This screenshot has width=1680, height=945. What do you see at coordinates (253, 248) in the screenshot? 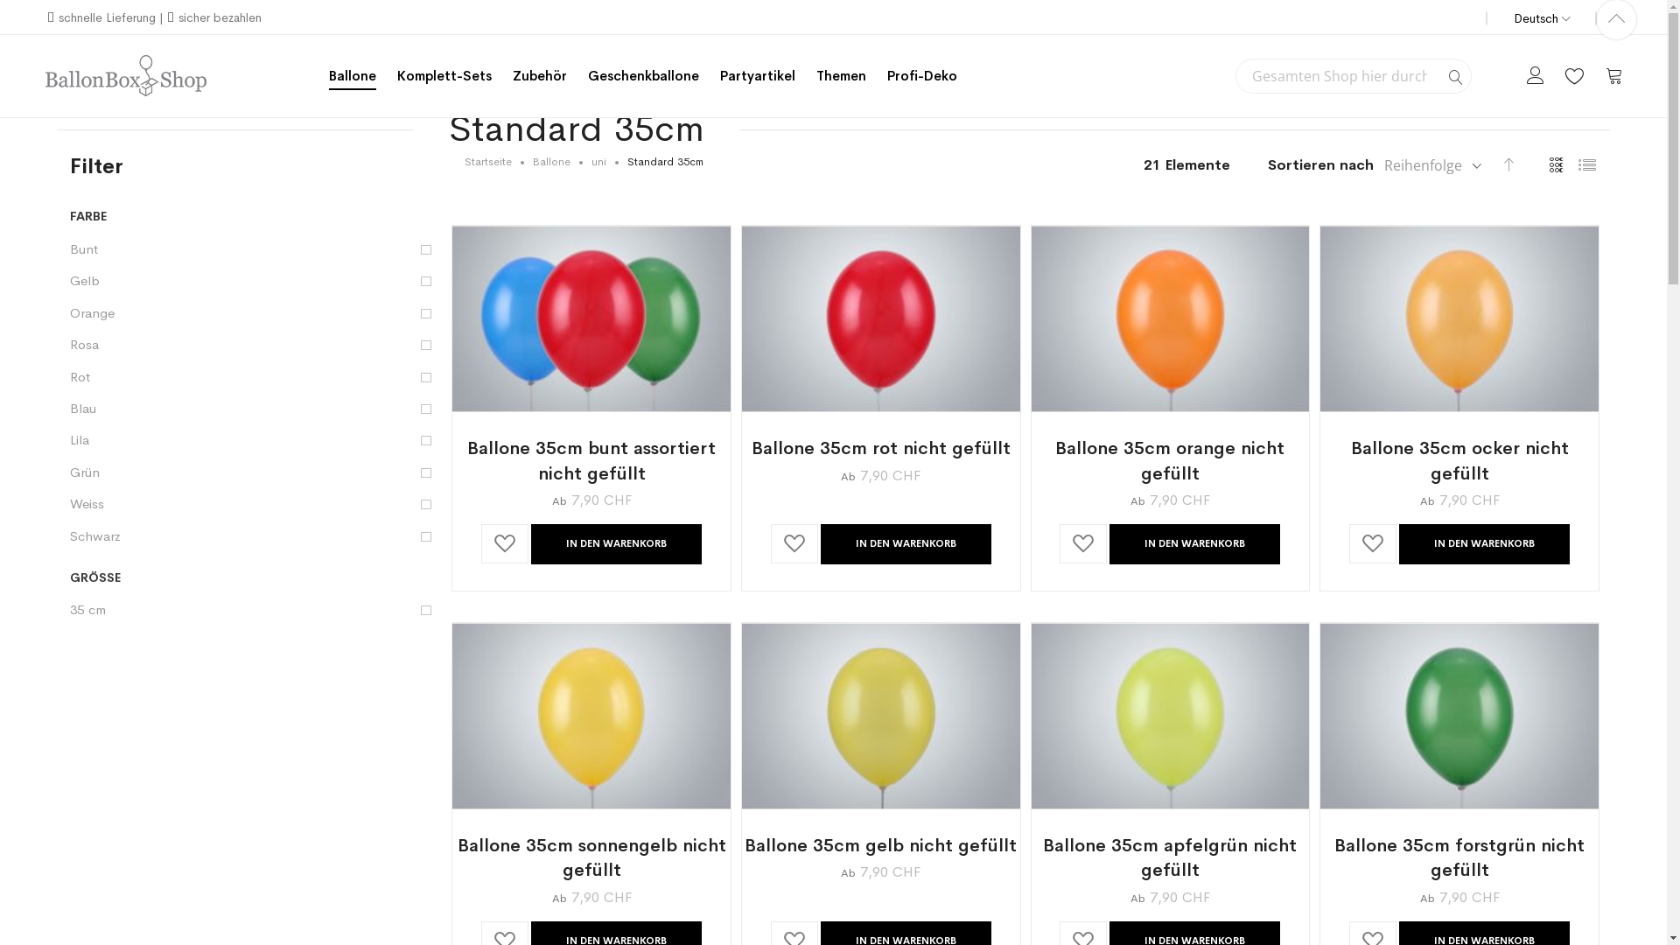
I see `'Bunt'` at bounding box center [253, 248].